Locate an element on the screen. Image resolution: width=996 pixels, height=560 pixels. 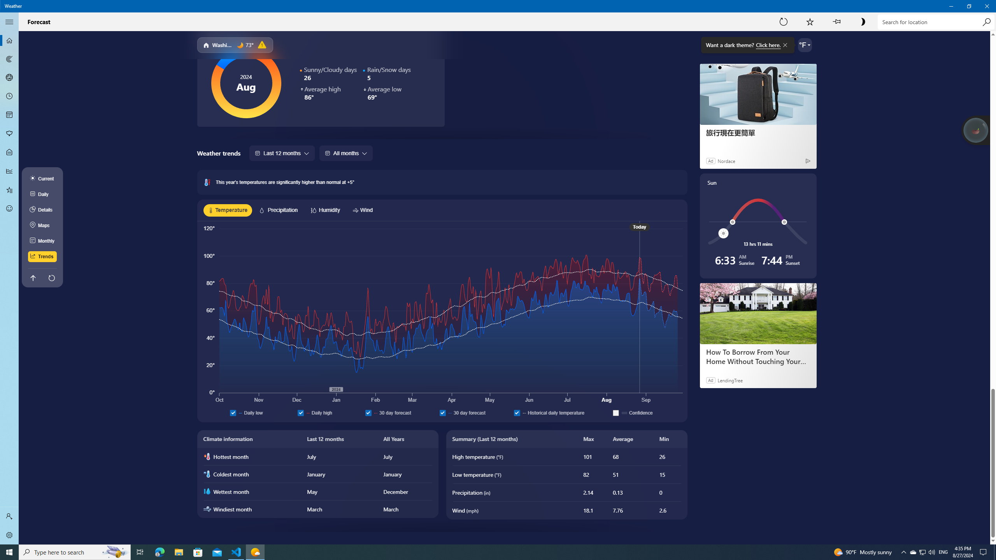
'Life - Not Selected' is located at coordinates (9, 152).